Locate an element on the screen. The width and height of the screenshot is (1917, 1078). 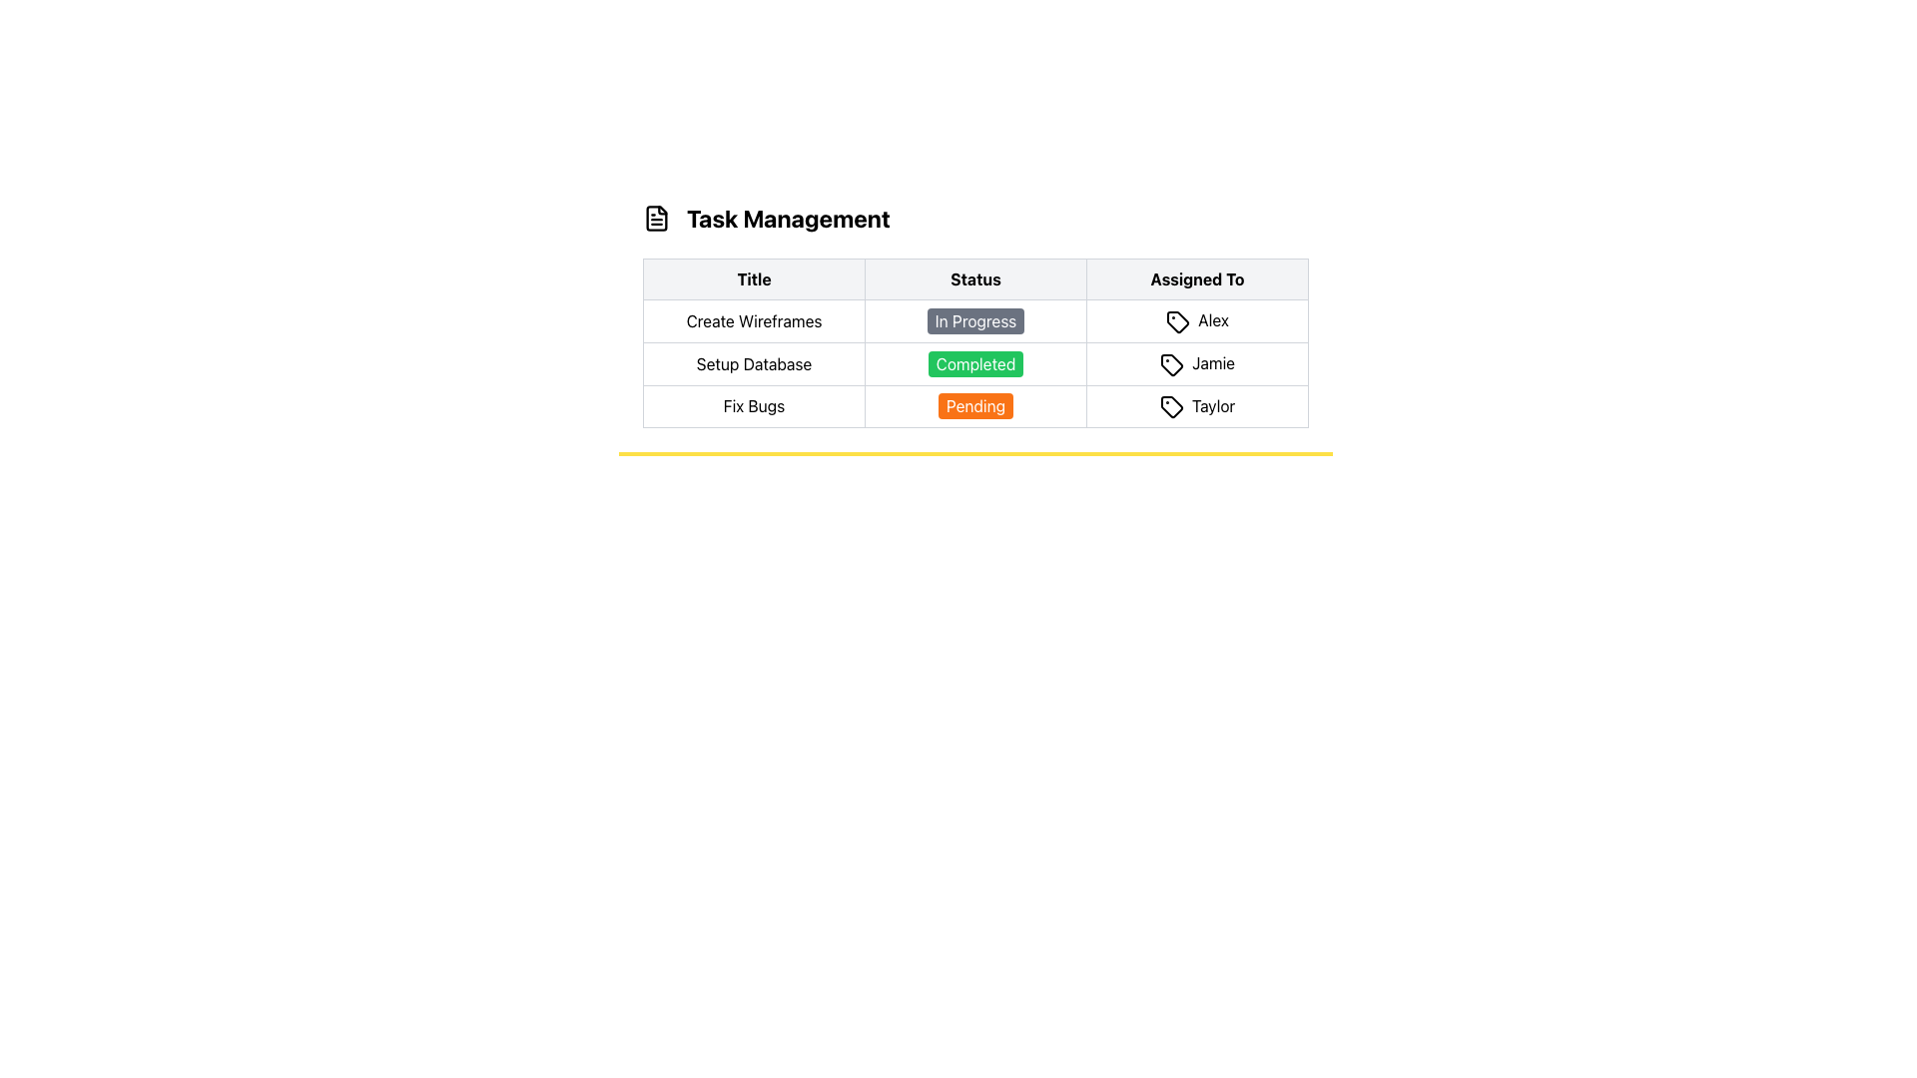
the tagging icon located in the 'Assigned To' column of the table, specifically in the cell for 'Jamie', which is the first icon in that cell is located at coordinates (1171, 364).